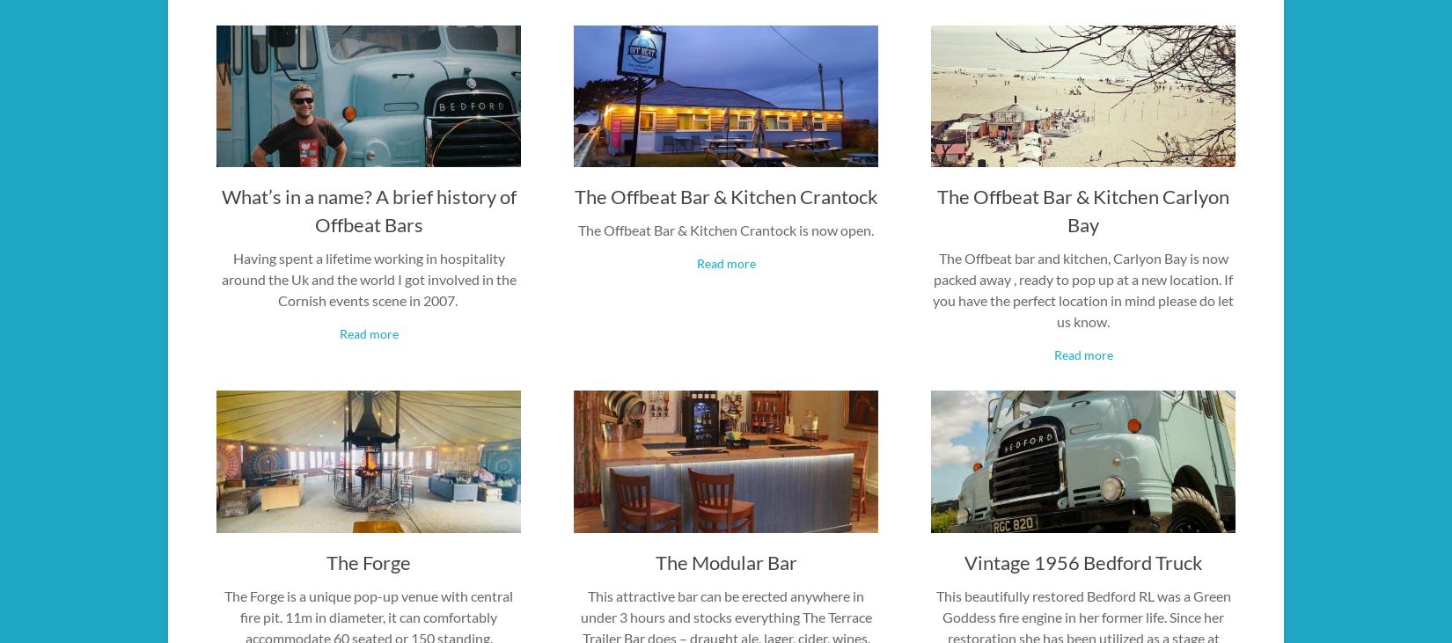  I want to click on 'The Offbeat Bar & Kitchen Crantock is now open.', so click(726, 229).